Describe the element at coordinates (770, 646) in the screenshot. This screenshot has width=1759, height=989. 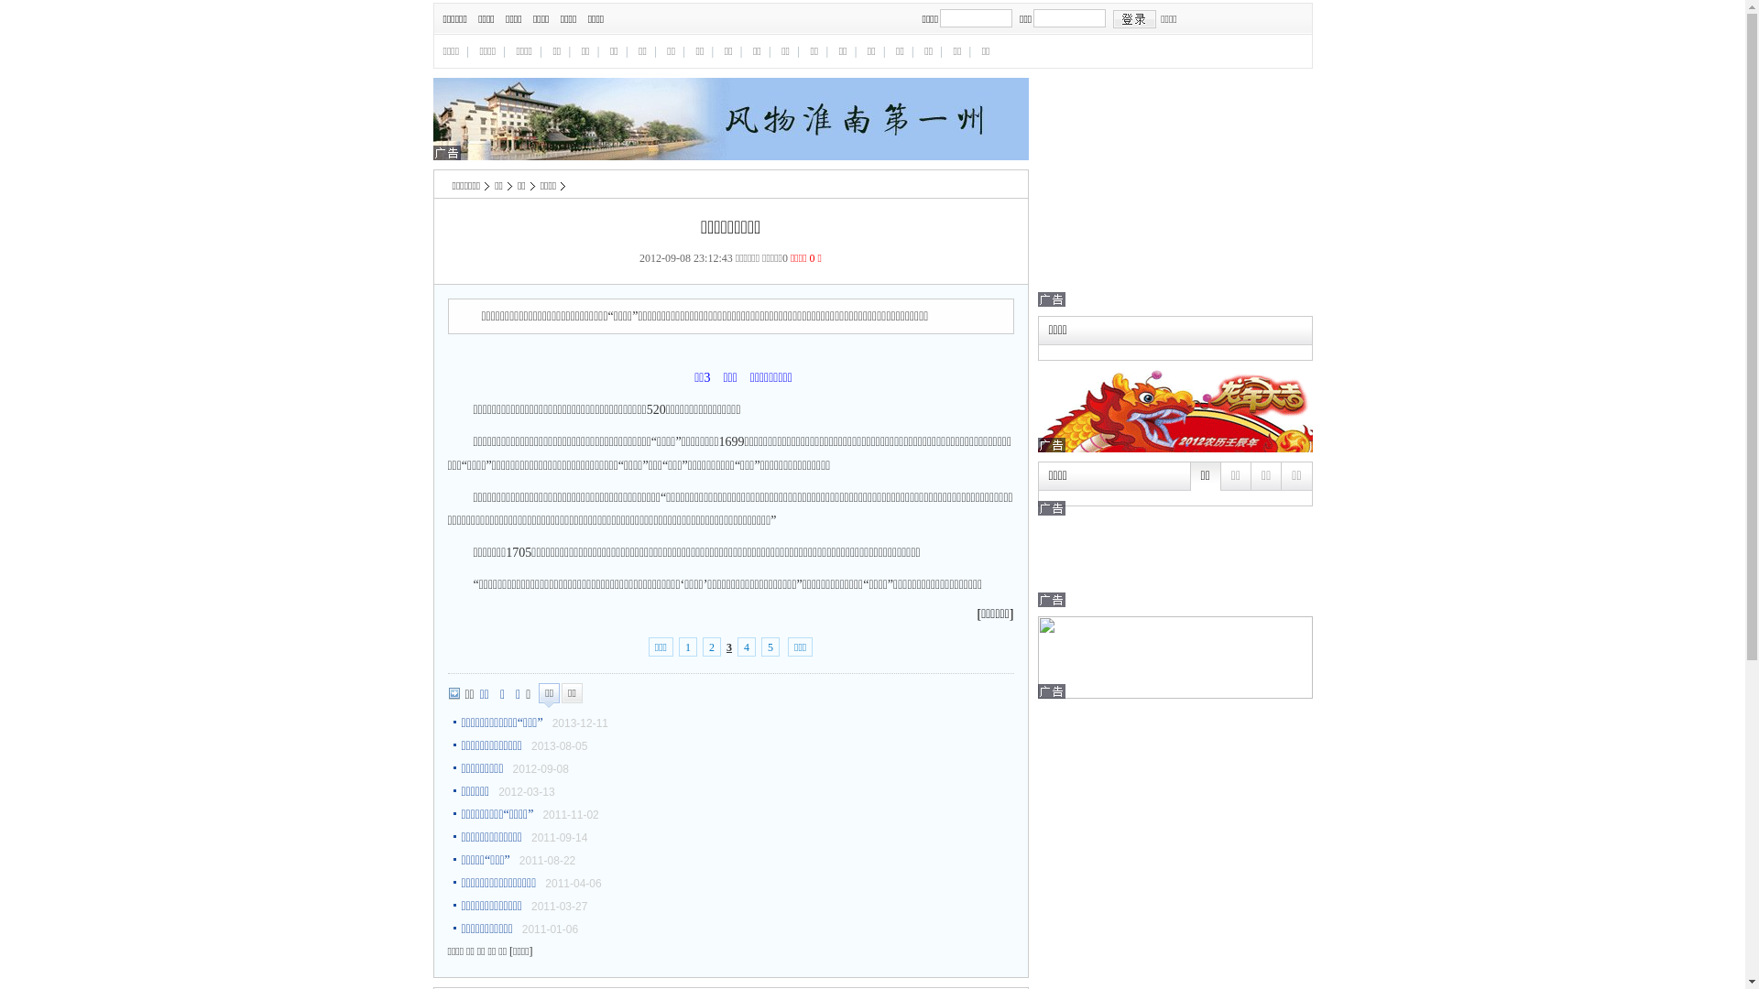
I see `'5'` at that location.